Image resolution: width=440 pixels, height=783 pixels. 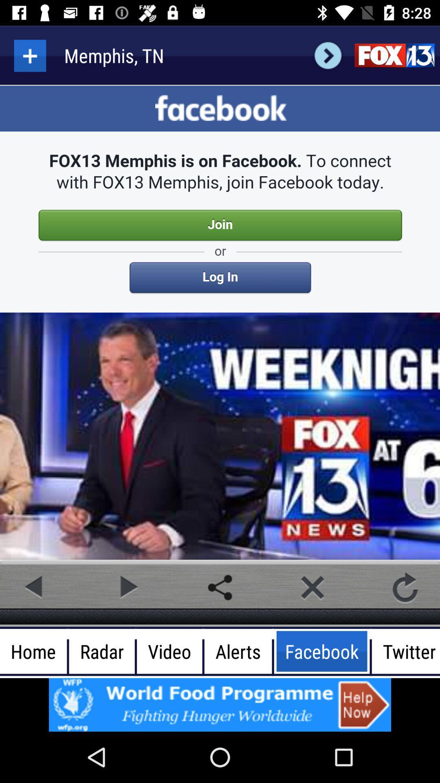 What do you see at coordinates (34, 587) in the screenshot?
I see `go back` at bounding box center [34, 587].